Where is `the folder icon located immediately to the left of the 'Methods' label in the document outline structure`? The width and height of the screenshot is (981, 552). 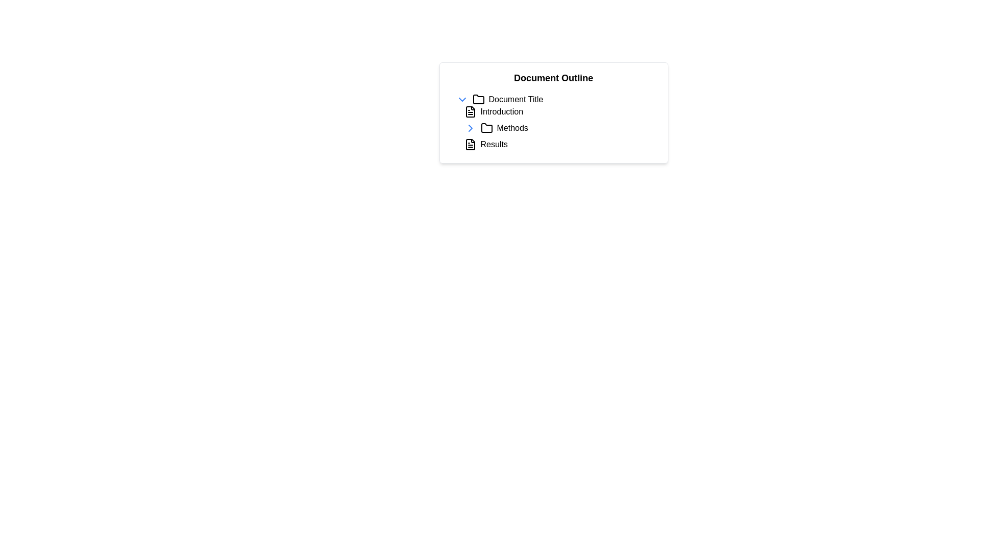 the folder icon located immediately to the left of the 'Methods' label in the document outline structure is located at coordinates (486, 127).